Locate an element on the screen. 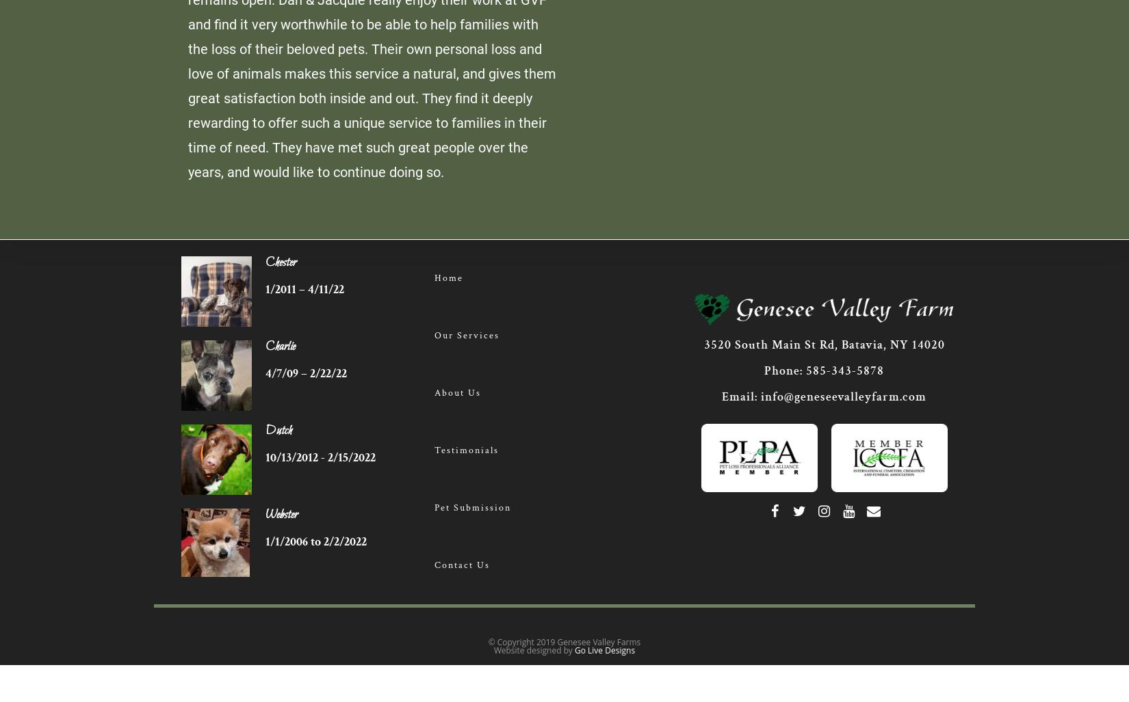  'Website designed by' is located at coordinates (493, 650).